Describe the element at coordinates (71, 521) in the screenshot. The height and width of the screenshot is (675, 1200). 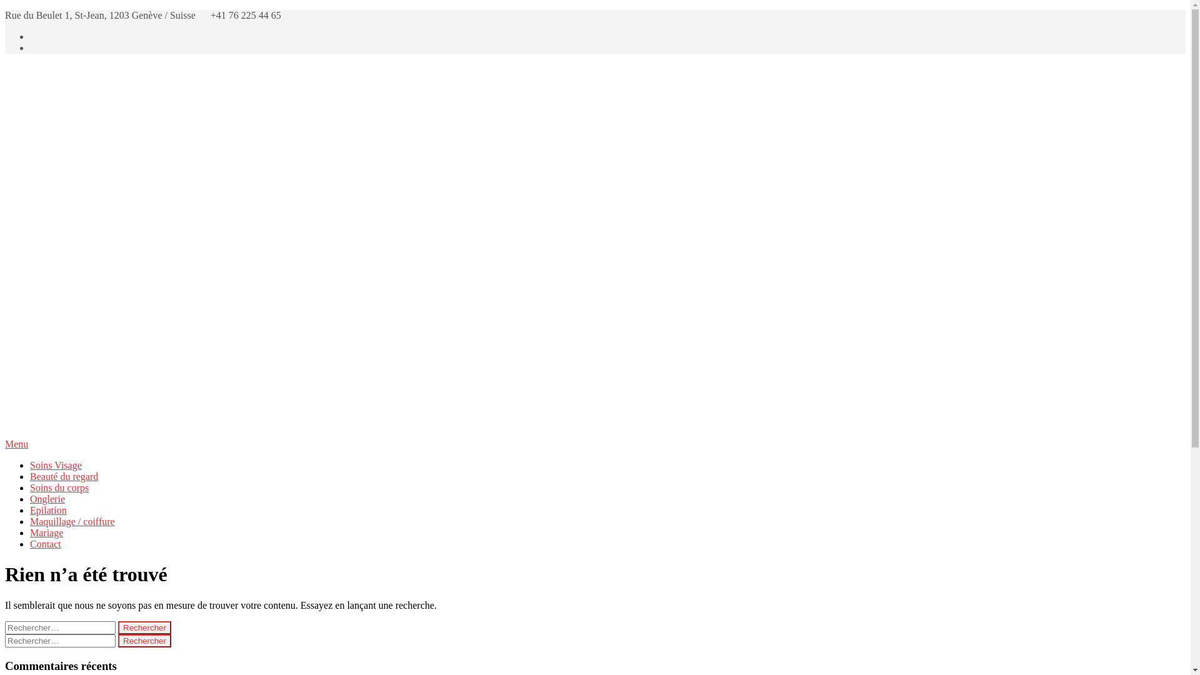
I see `'Maquillage / coiffure'` at that location.